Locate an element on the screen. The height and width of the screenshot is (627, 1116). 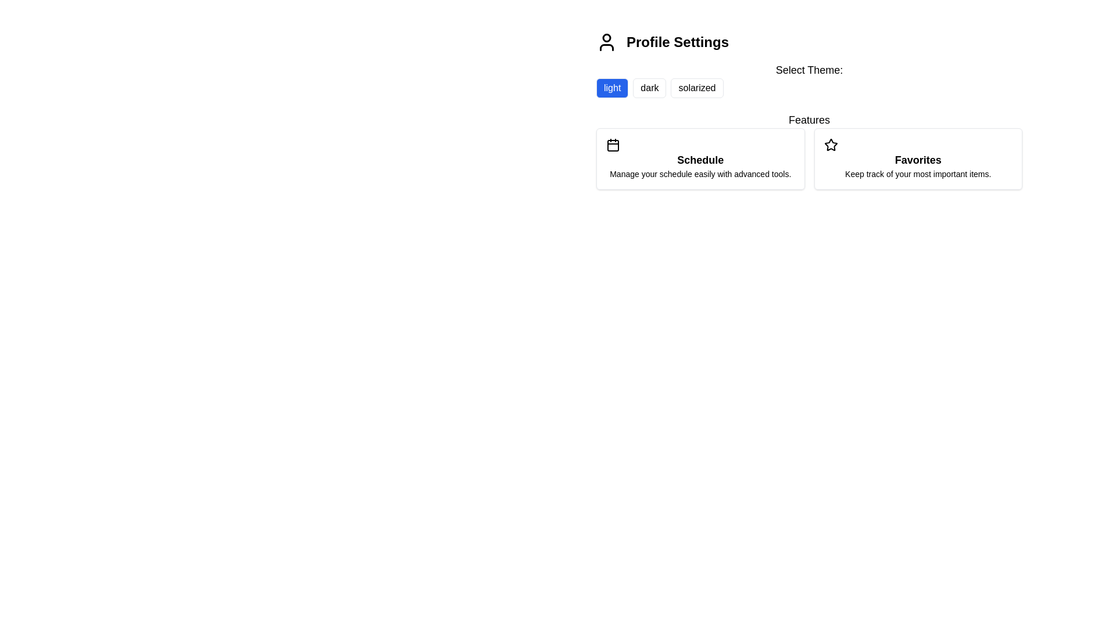
the leftmost button in the 'Select Theme' row is located at coordinates (611, 87).